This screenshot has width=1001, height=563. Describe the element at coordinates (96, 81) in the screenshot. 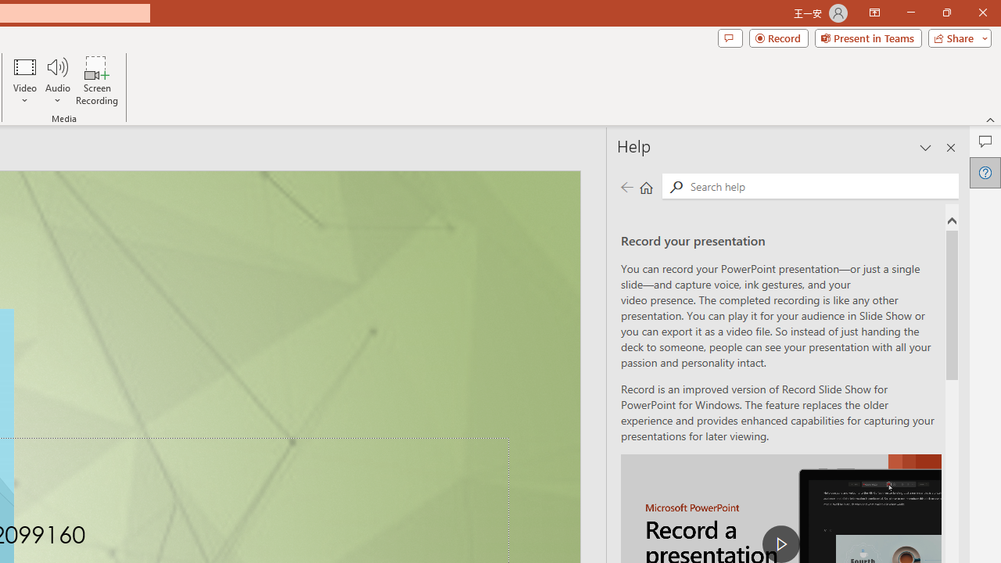

I see `'Screen Recording...'` at that location.